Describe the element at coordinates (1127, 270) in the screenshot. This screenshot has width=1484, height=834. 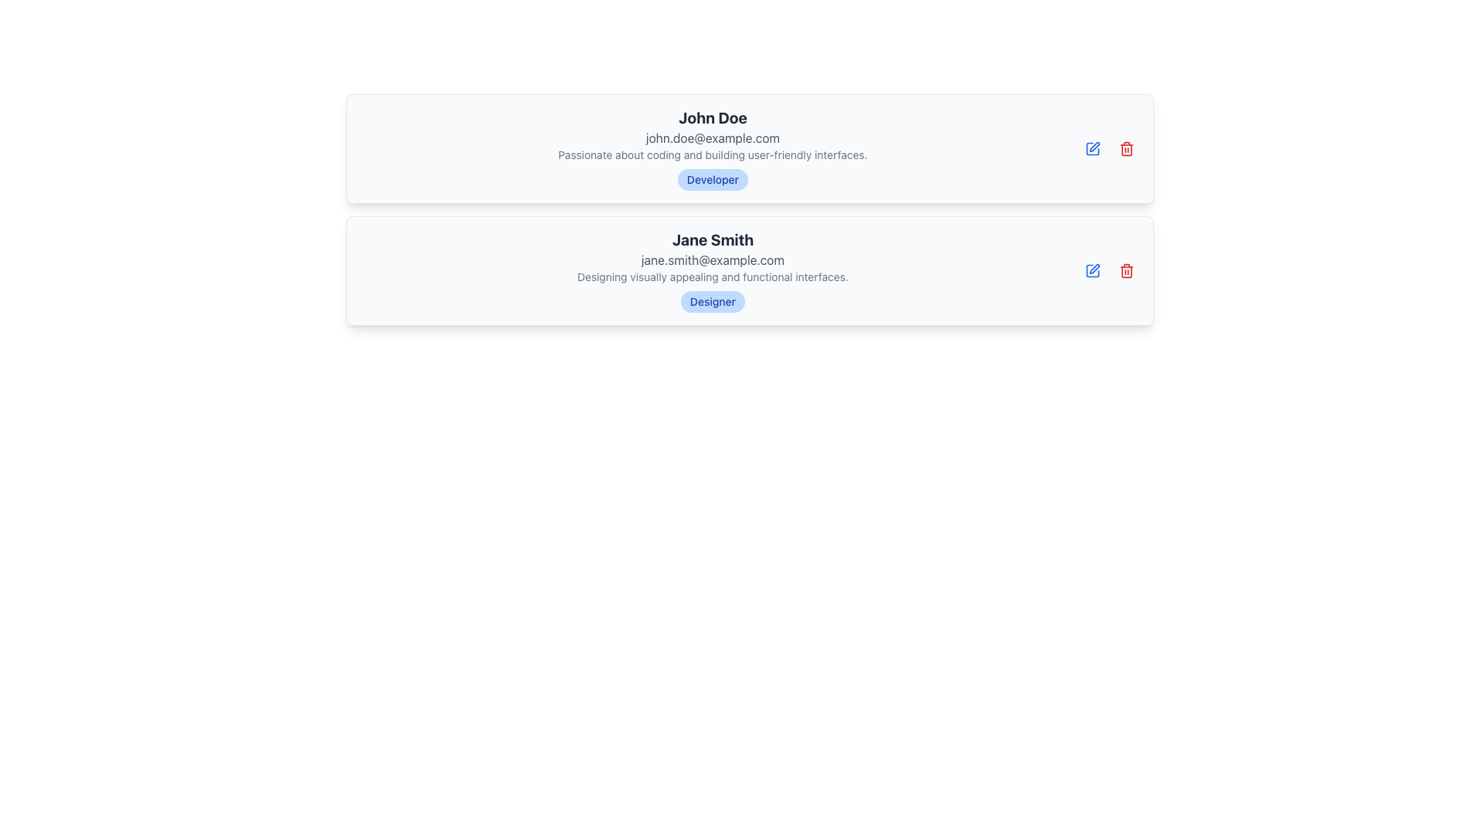
I see `the trash bin icon button located at the top right corner of the user's detail card` at that location.